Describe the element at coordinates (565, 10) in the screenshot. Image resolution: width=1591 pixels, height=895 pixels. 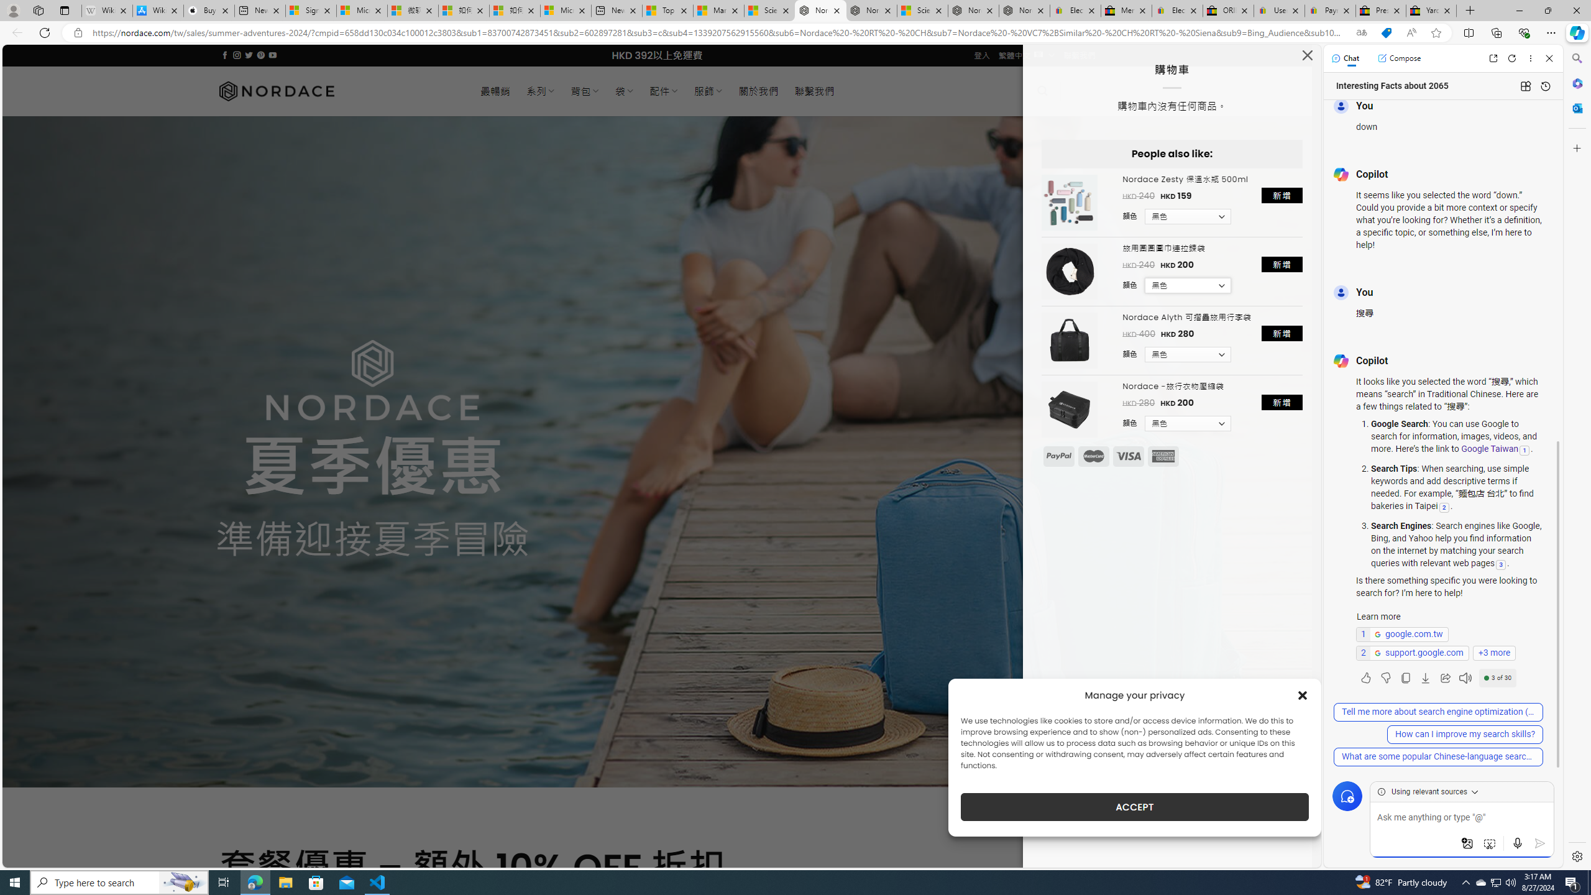
I see `'Microsoft account | Account Checkup'` at that location.